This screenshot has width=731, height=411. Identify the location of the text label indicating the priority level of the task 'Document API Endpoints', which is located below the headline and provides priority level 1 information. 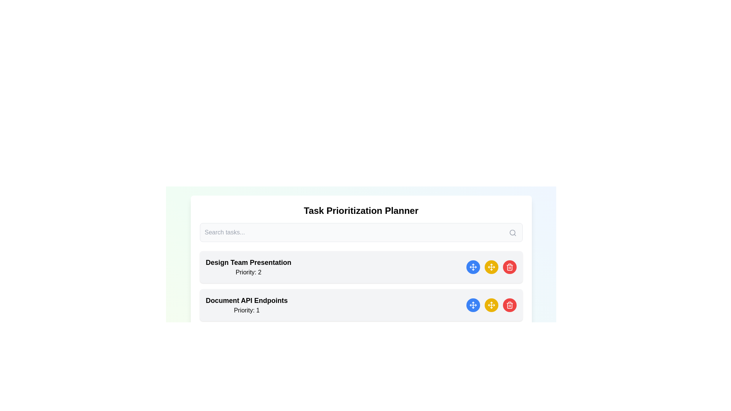
(247, 311).